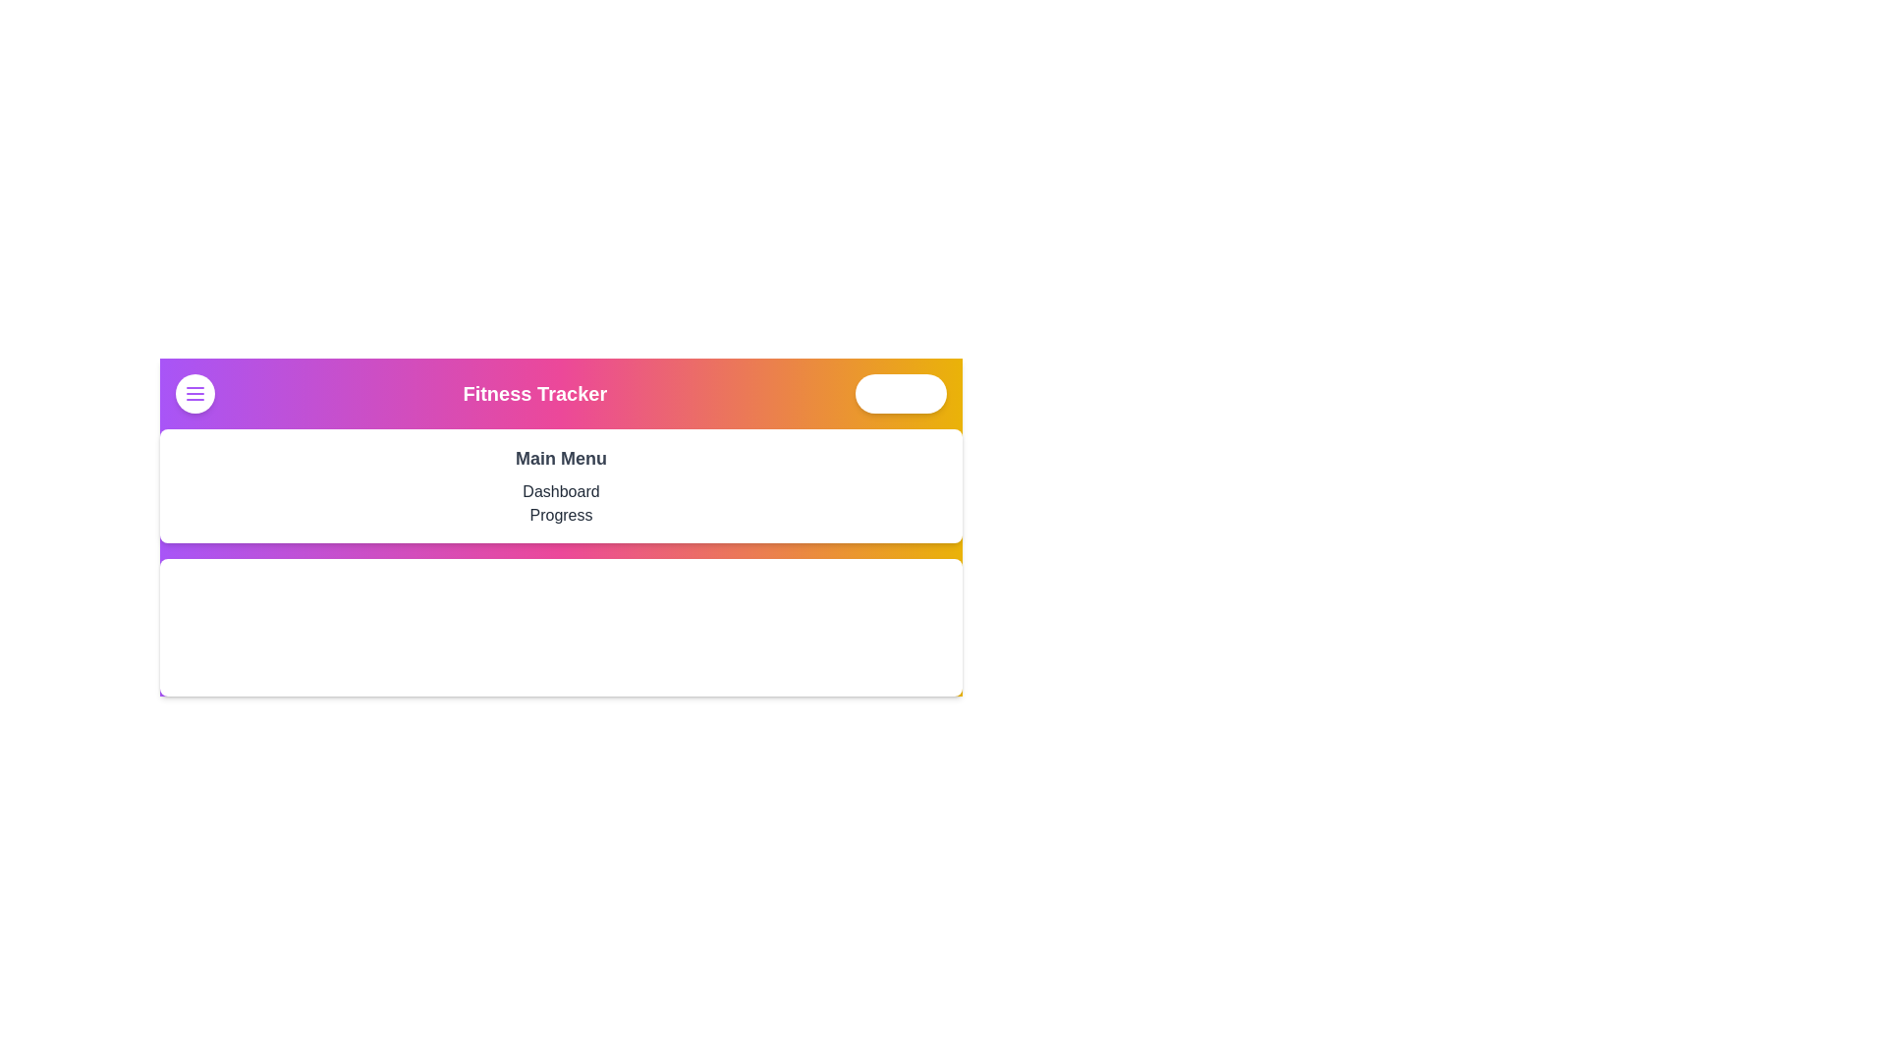 This screenshot has width=1886, height=1061. What do you see at coordinates (560, 491) in the screenshot?
I see `the 'Dashboard' menu item` at bounding box center [560, 491].